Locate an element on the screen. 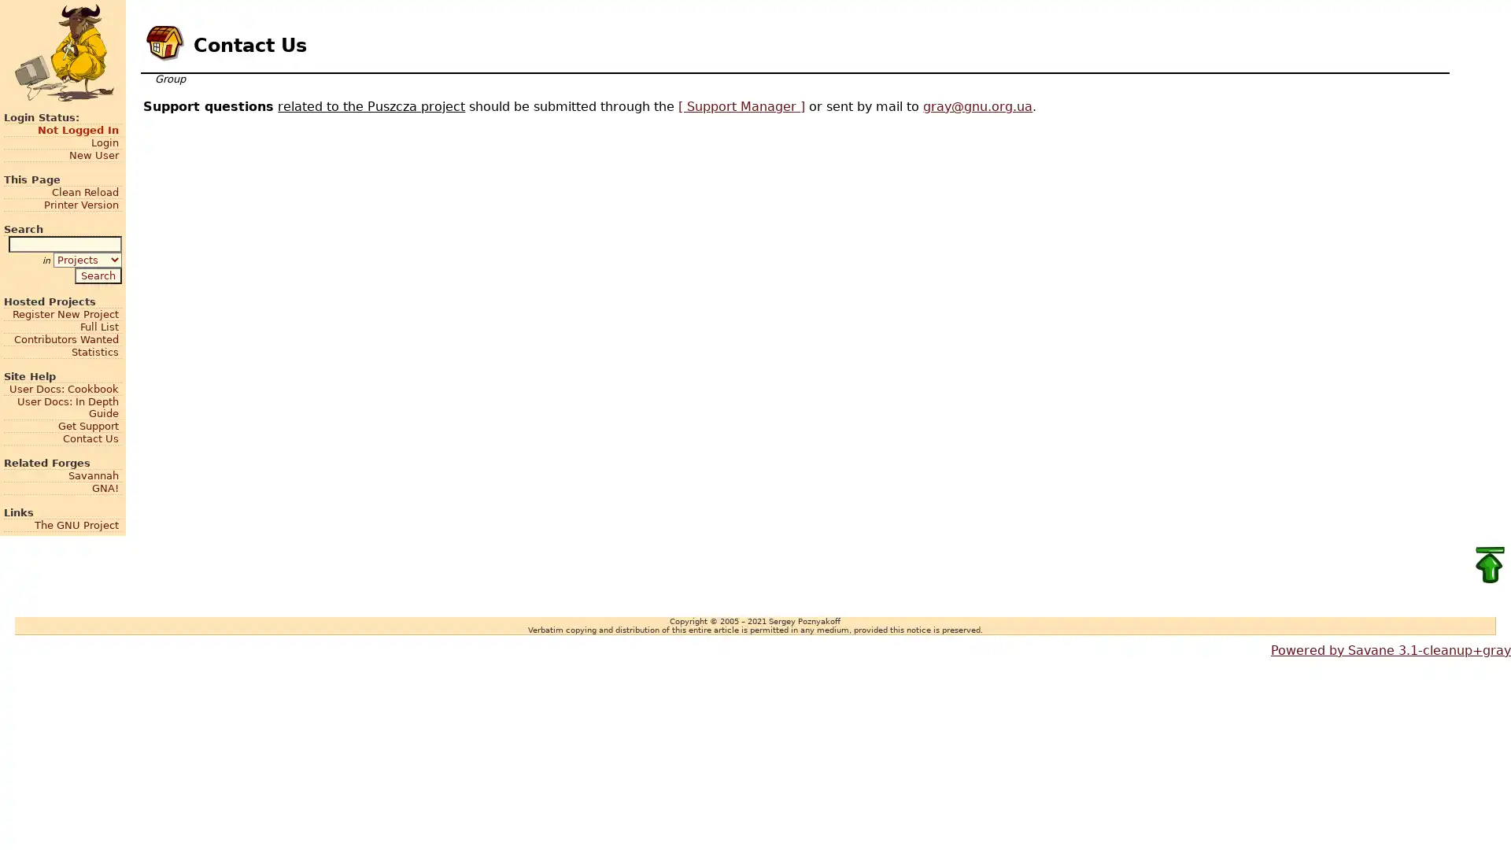 Image resolution: width=1511 pixels, height=850 pixels. Search is located at coordinates (97, 274).